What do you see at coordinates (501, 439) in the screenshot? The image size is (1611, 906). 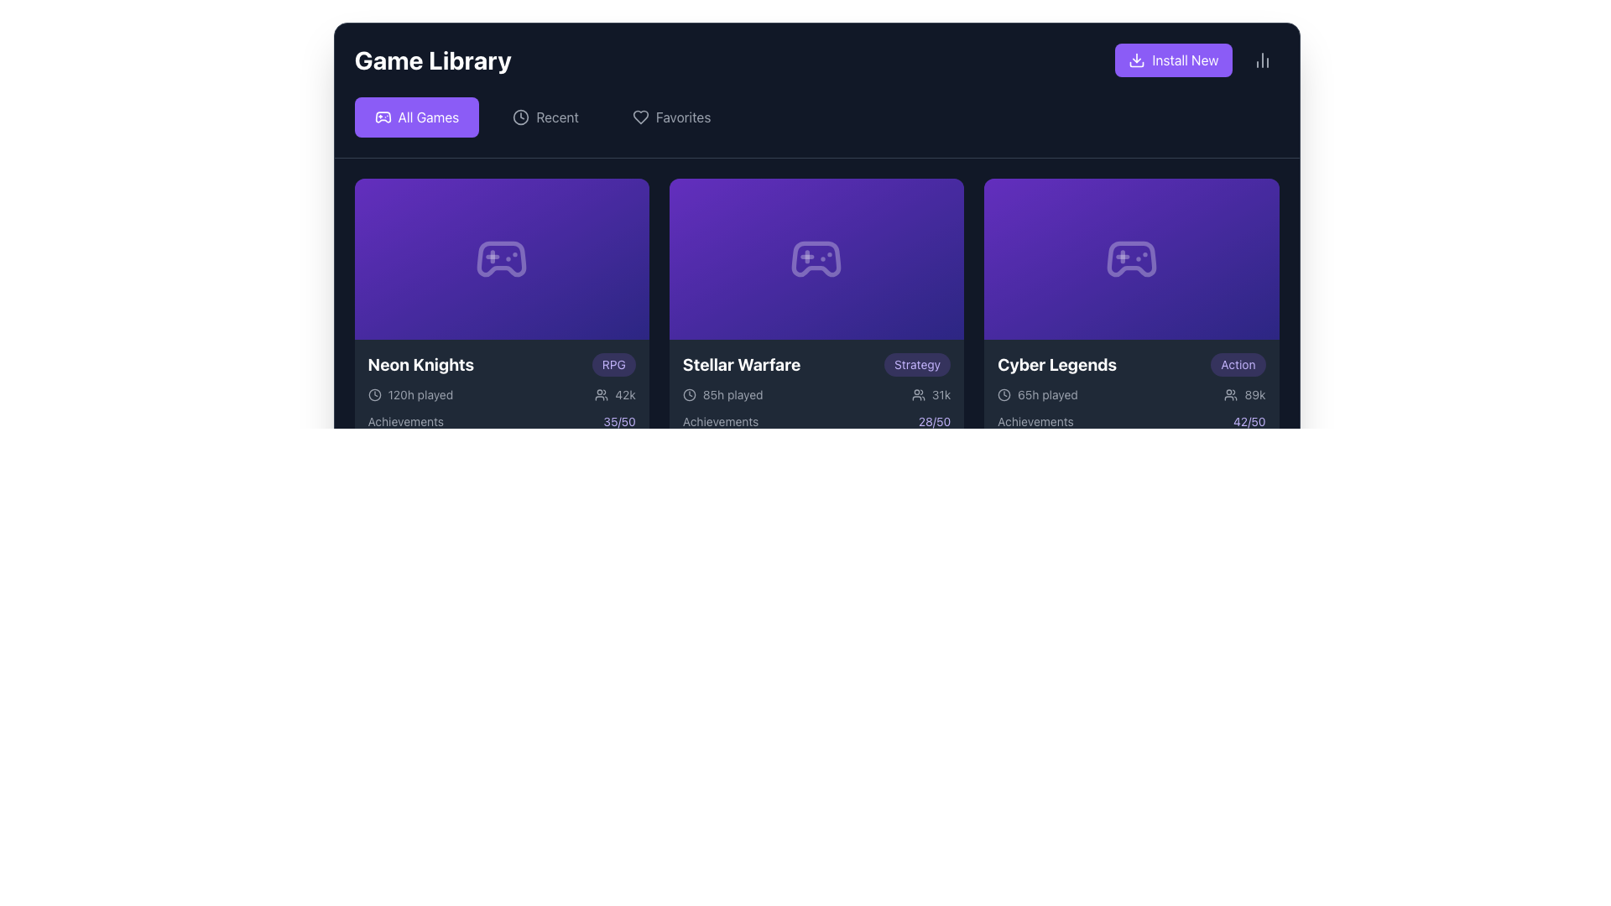 I see `the progress bar located in the lower portion of the 'Neon Knights' card` at bounding box center [501, 439].